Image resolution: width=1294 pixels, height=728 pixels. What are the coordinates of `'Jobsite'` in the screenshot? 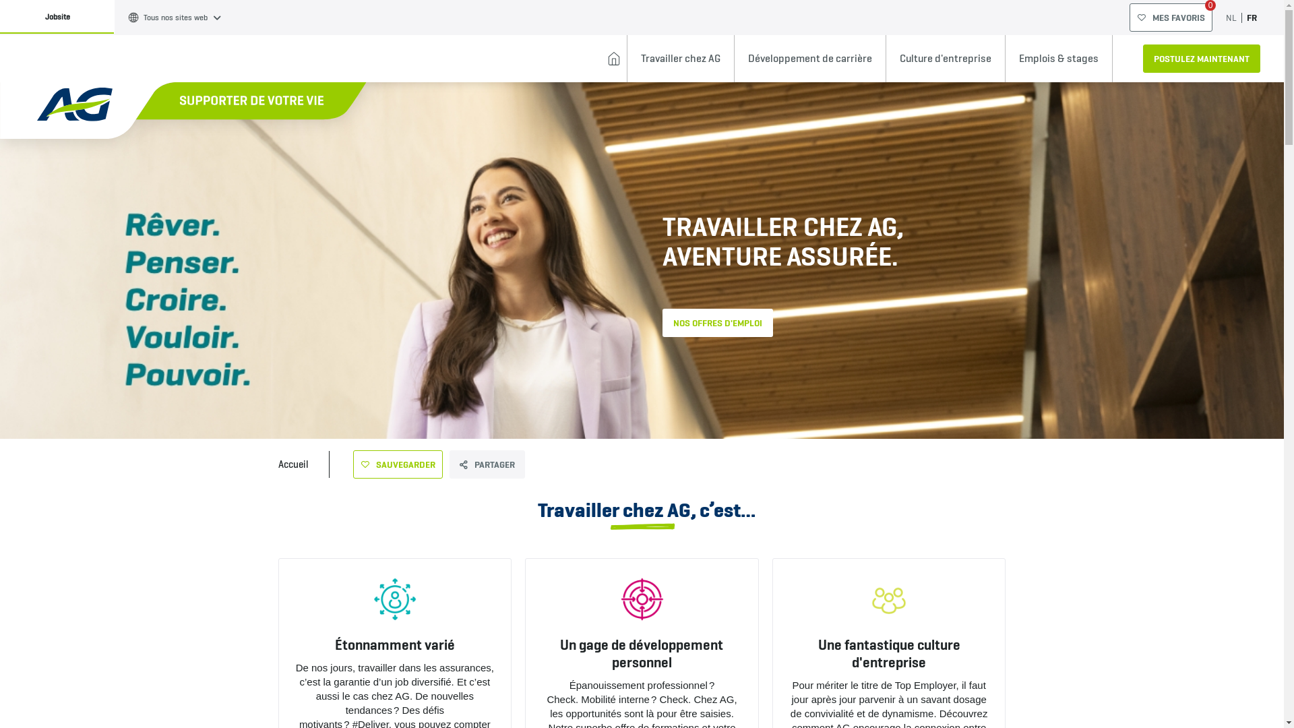 It's located at (57, 16).